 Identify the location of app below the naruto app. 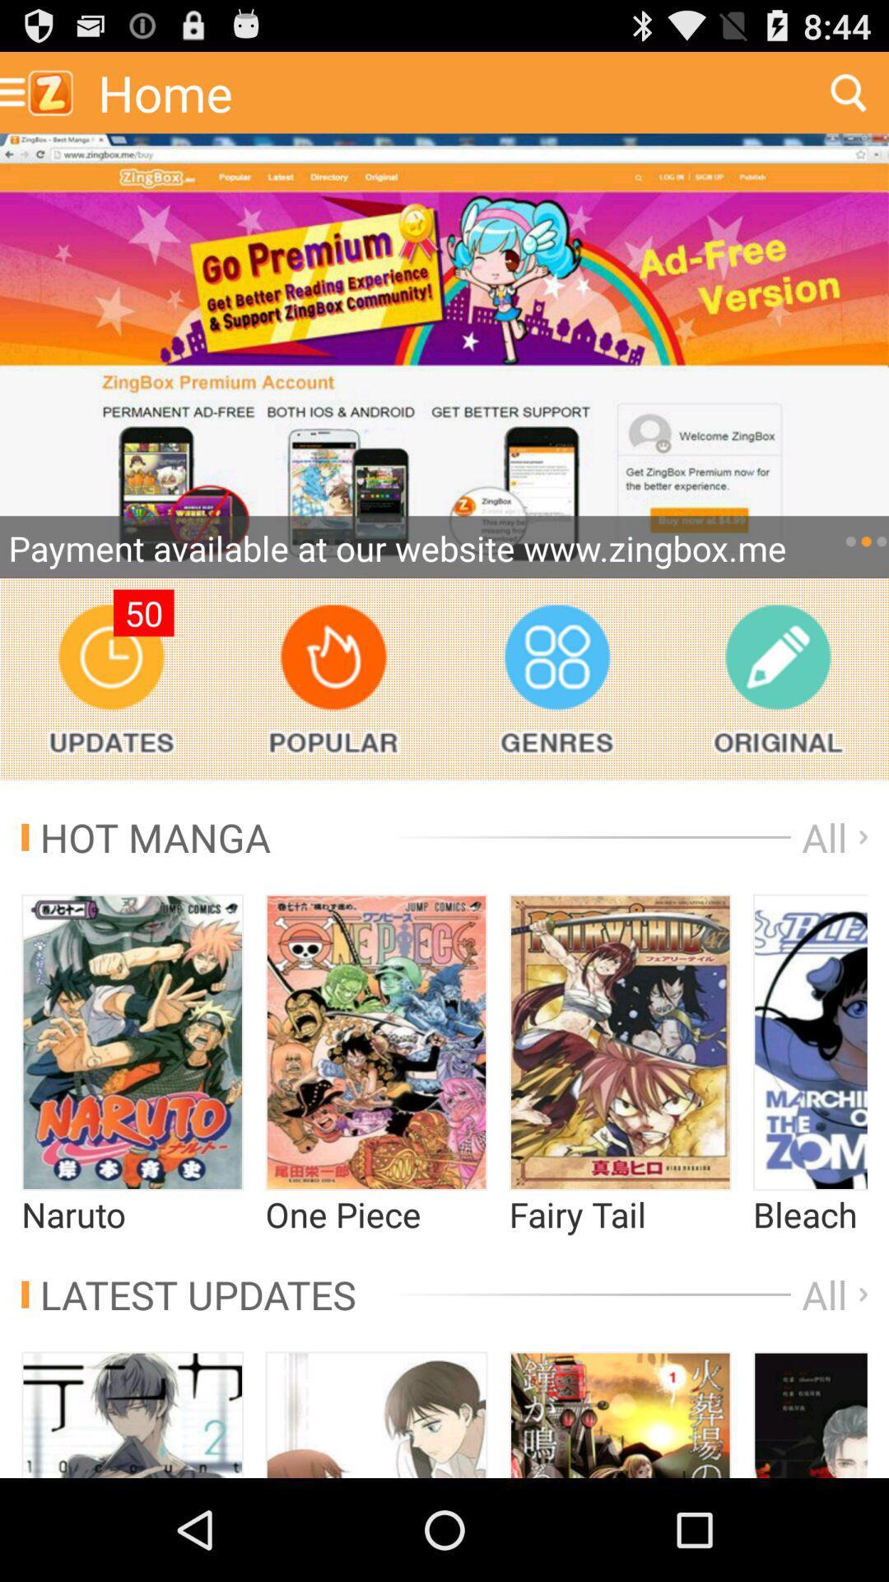
(188, 1294).